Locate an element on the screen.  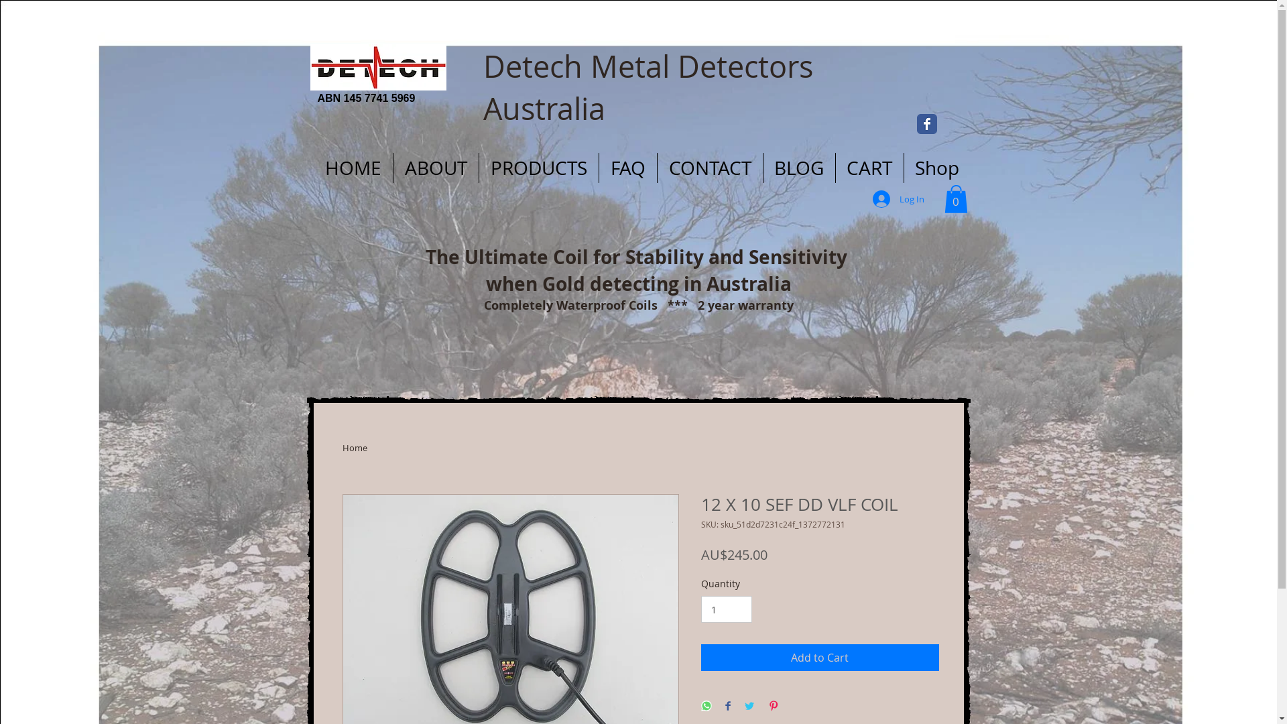
'PRODUCTS' is located at coordinates (538, 167).